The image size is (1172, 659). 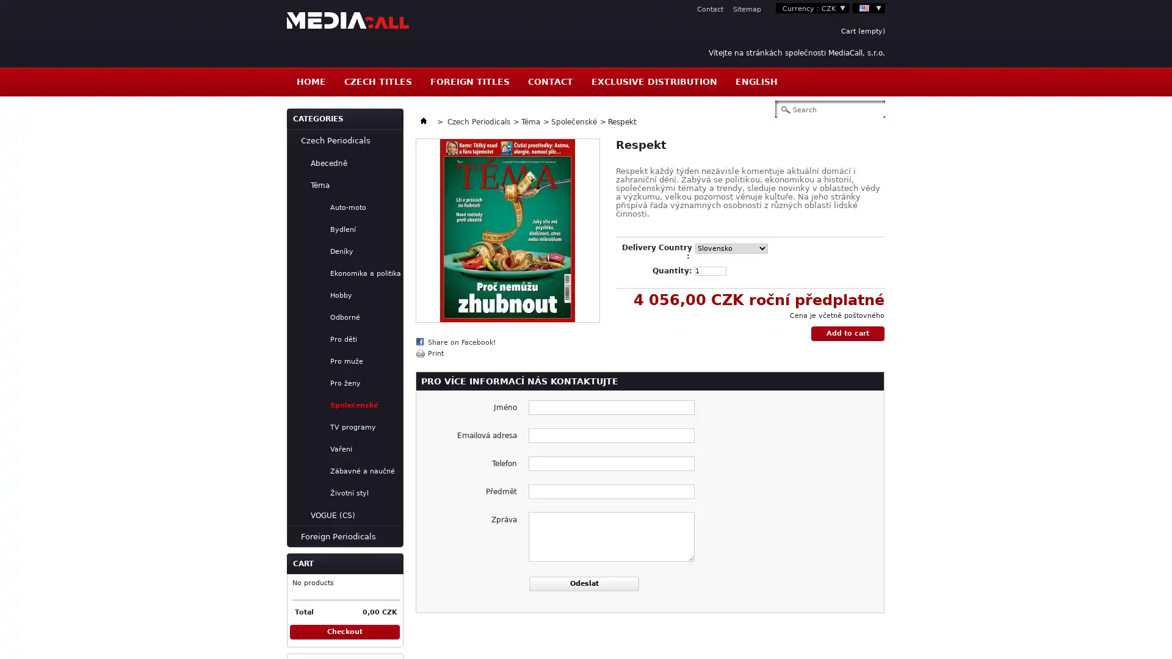 I want to click on Odeslat, so click(x=583, y=583).